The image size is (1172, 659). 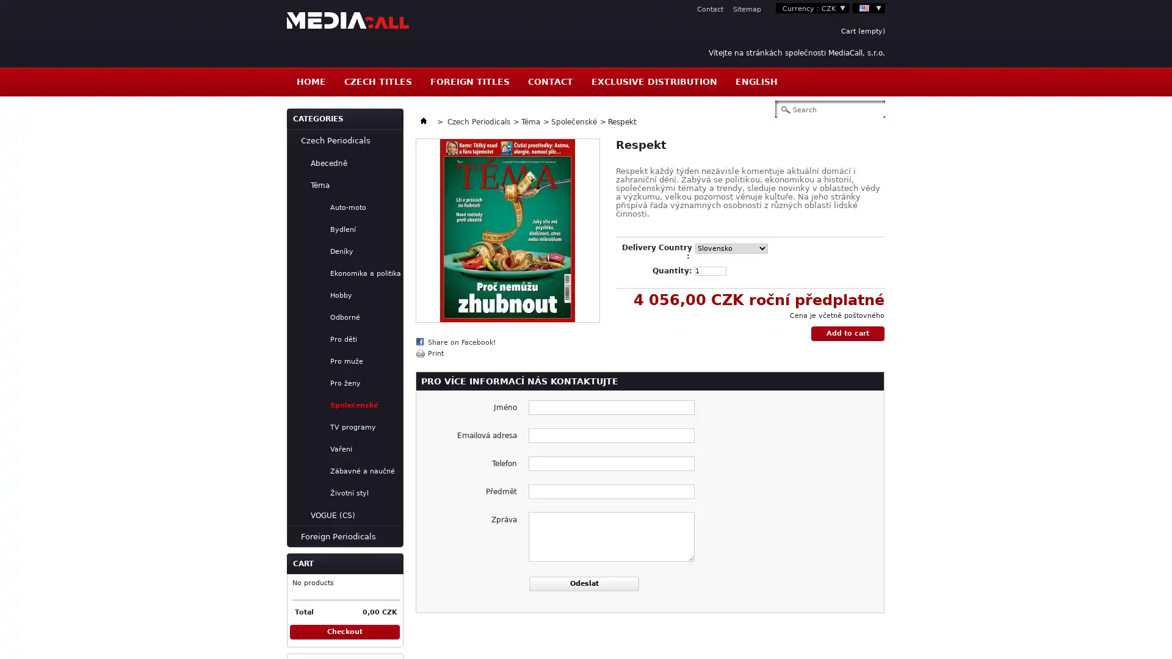 I want to click on Odeslat, so click(x=583, y=583).